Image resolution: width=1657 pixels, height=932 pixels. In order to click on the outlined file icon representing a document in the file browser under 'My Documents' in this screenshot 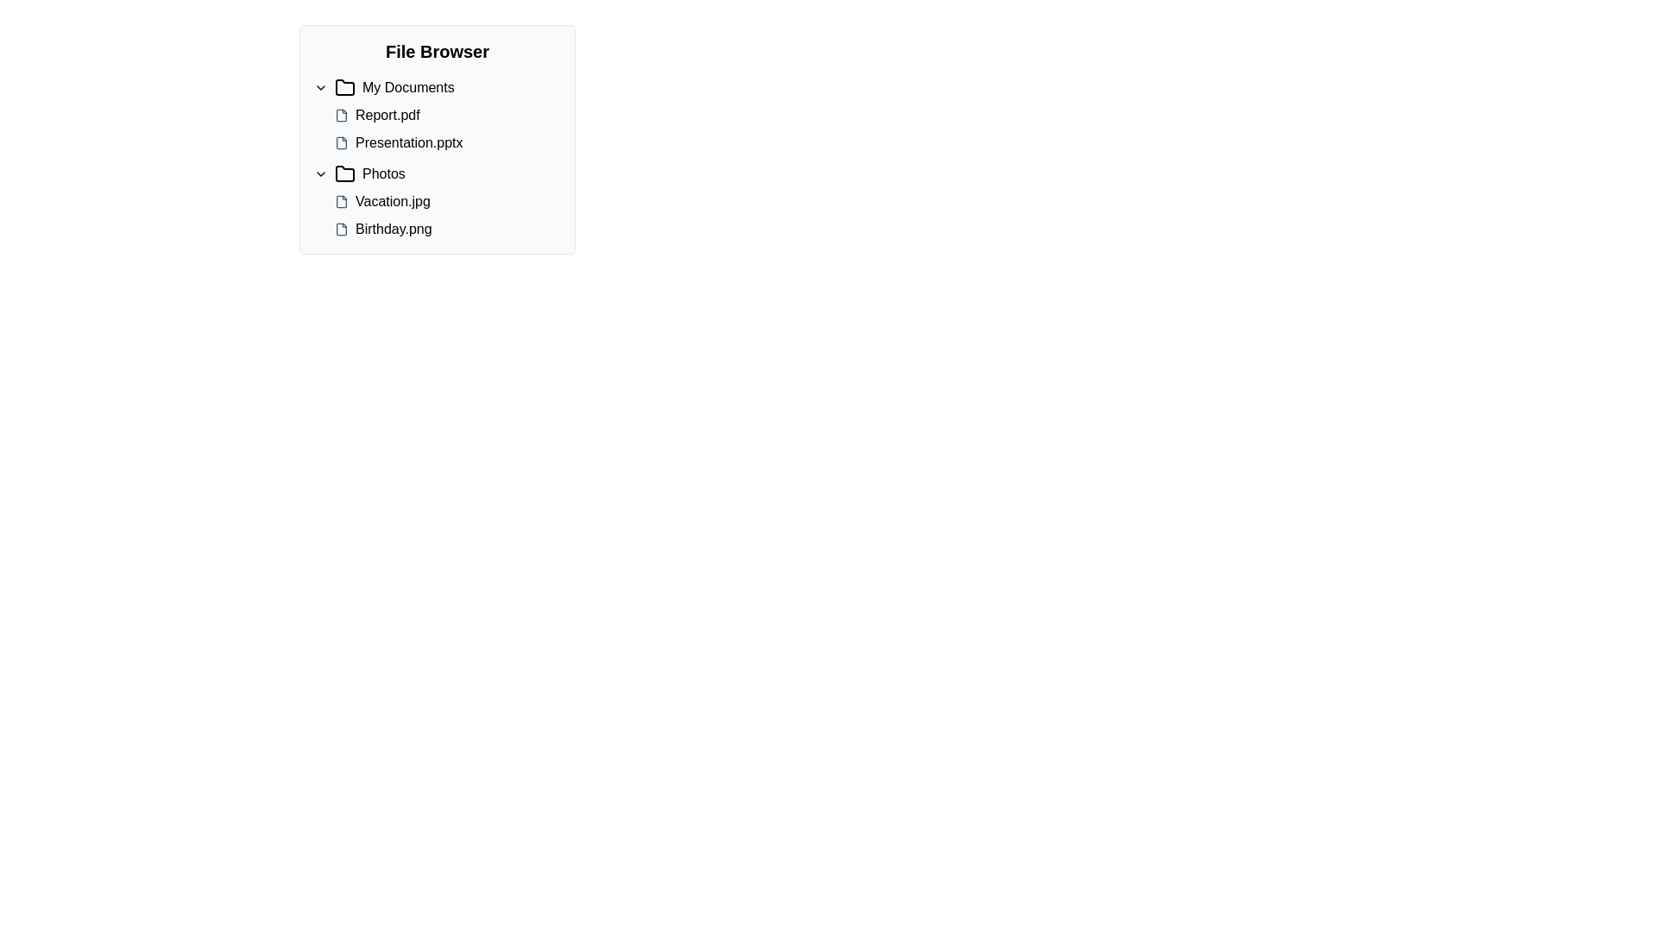, I will do `click(341, 116)`.